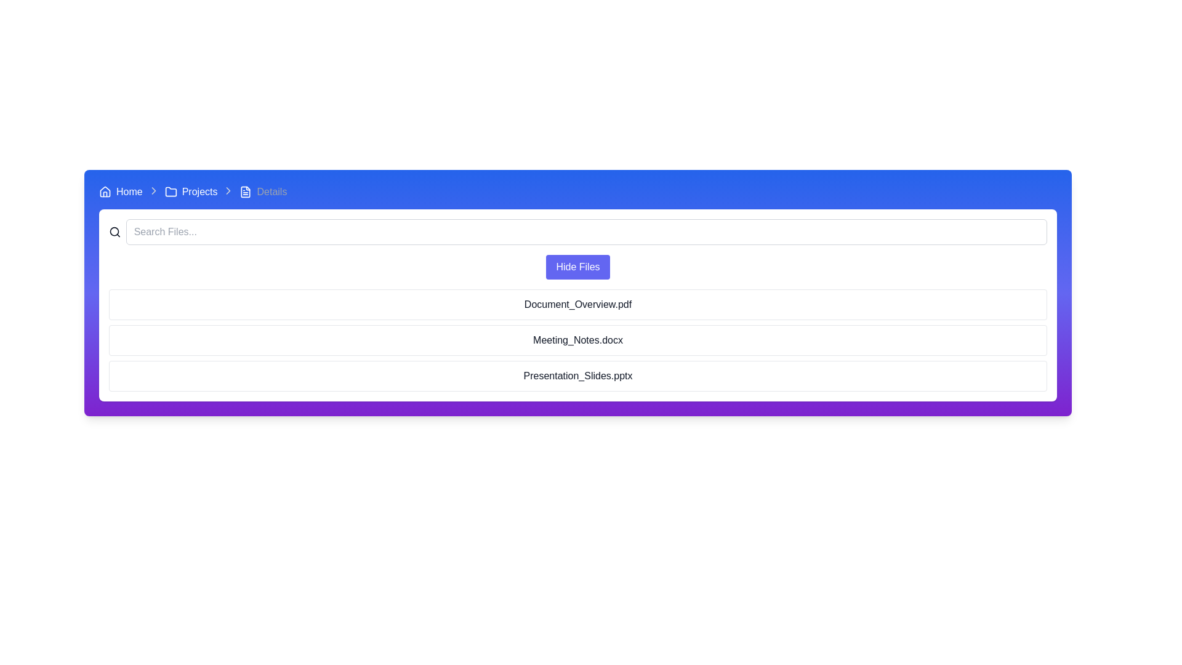  What do you see at coordinates (577, 304) in the screenshot?
I see `the first Text Label representing 'Document_Overview.pdf' which is centrally aligned and located at the top of the document list` at bounding box center [577, 304].